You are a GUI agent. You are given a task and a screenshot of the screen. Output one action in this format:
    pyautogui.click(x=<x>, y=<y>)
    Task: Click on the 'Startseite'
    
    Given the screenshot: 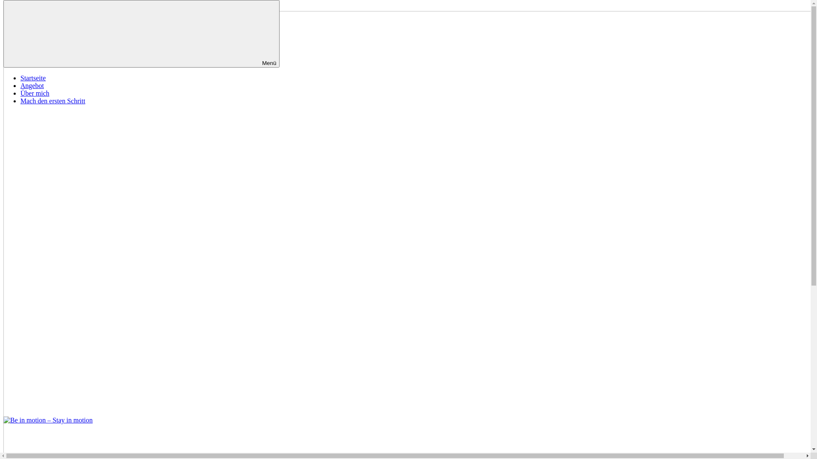 What is the action you would take?
    pyautogui.click(x=20, y=78)
    